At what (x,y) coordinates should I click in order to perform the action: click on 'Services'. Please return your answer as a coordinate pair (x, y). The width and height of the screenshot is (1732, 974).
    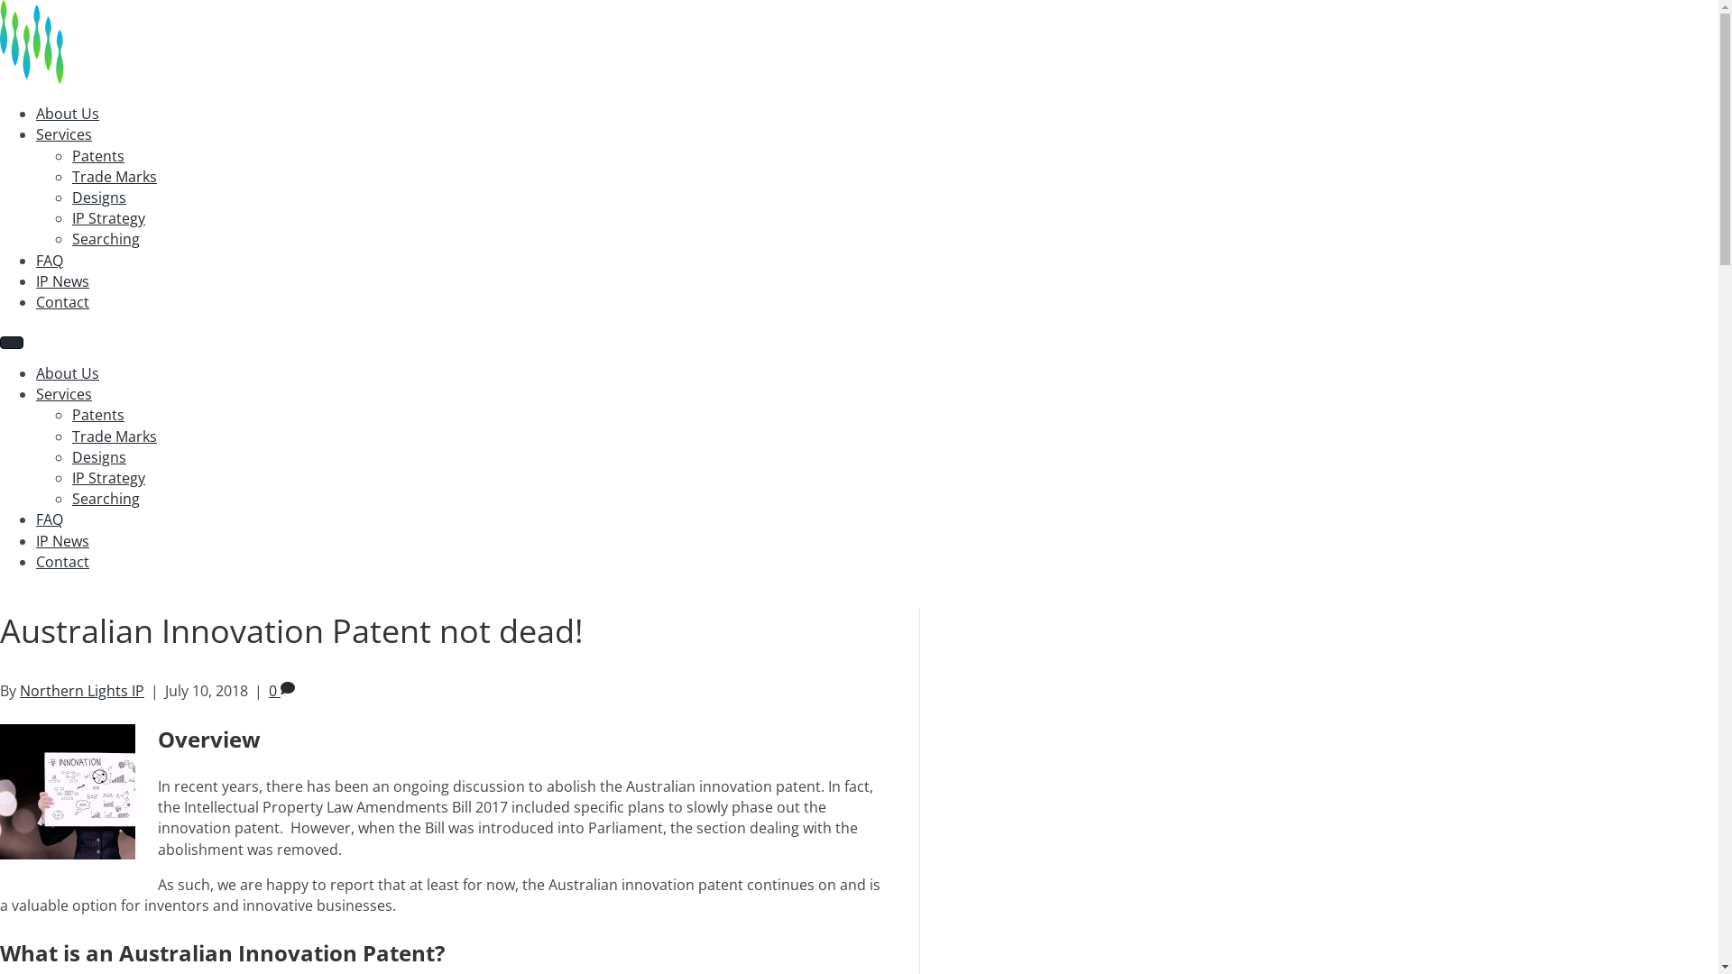
    Looking at the image, I should click on (64, 392).